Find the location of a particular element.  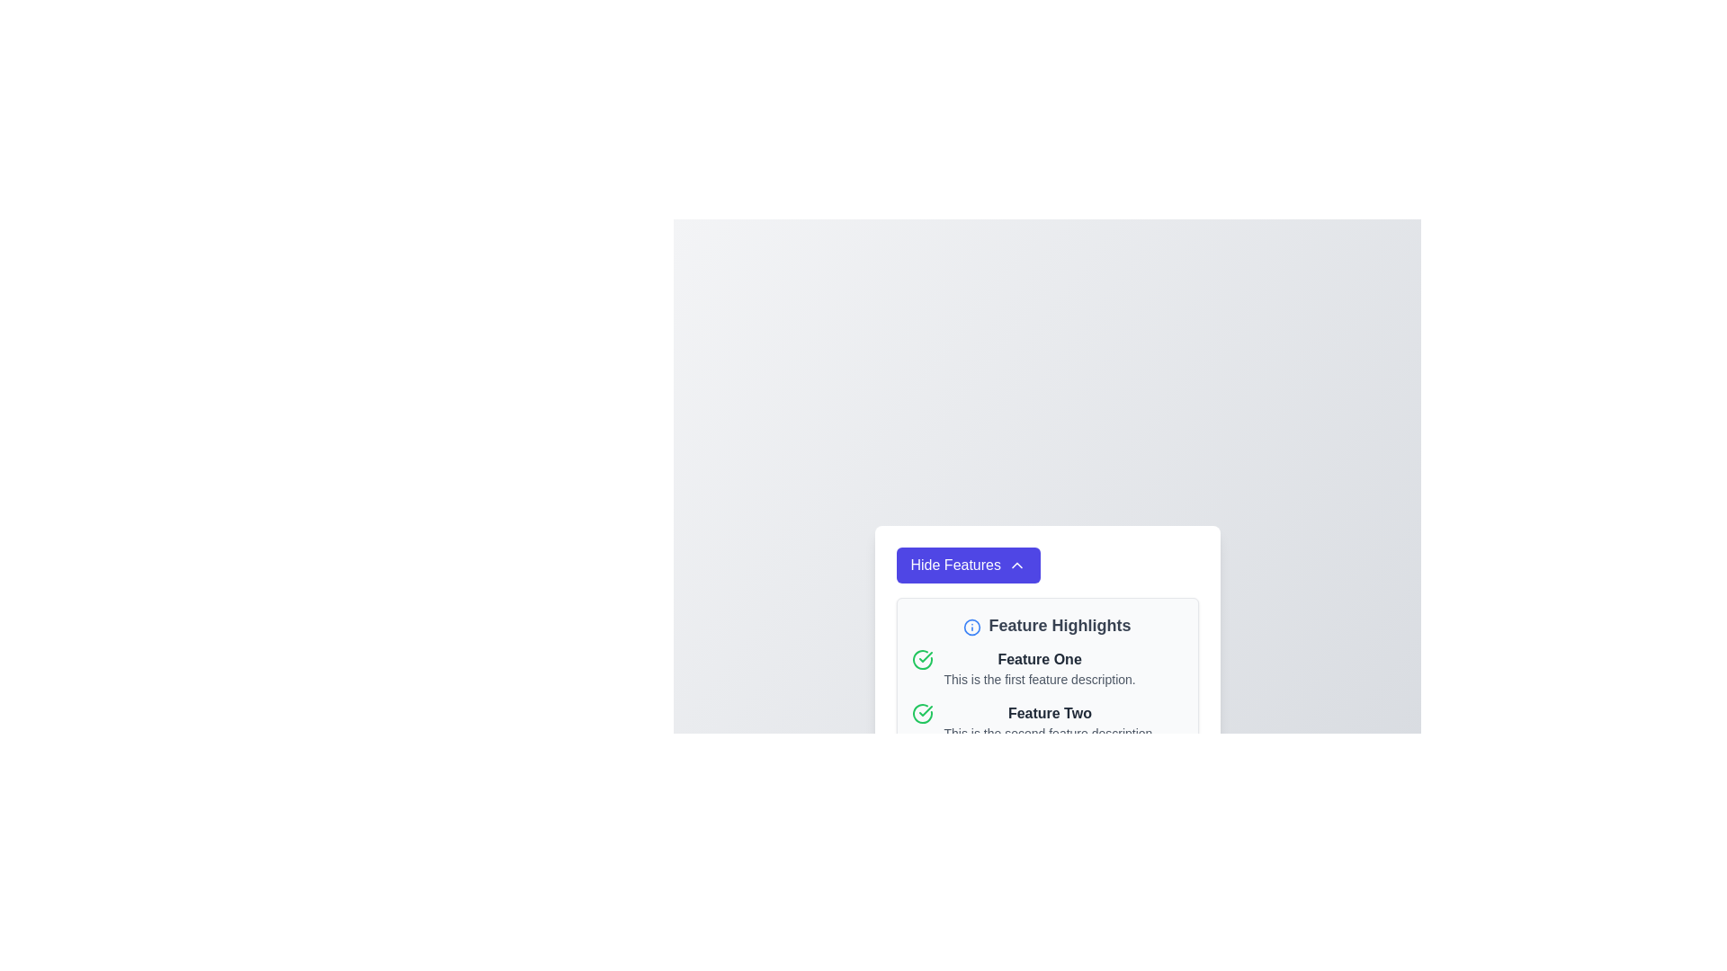

text label that states 'This is the second feature description.' which is located beneath the title 'Feature Two' in the feature highlights section is located at coordinates (1050, 734).